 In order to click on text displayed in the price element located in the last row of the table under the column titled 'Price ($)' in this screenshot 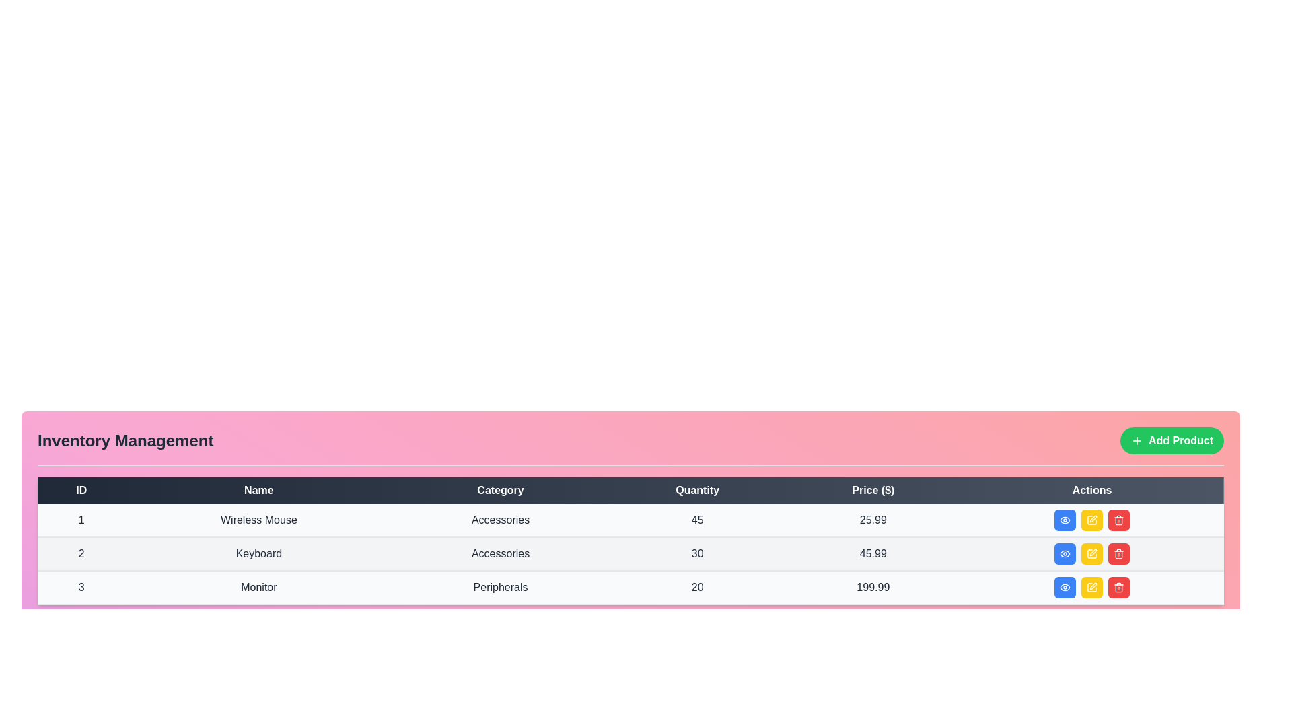, I will do `click(873, 586)`.